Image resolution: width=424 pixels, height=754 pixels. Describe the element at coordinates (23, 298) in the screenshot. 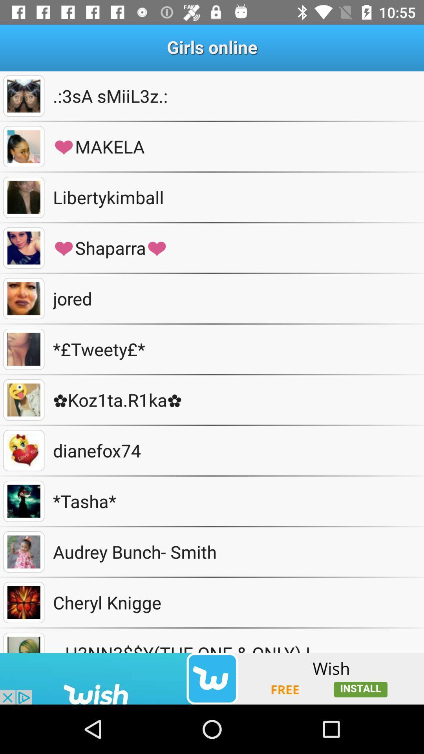

I see `see picture` at that location.